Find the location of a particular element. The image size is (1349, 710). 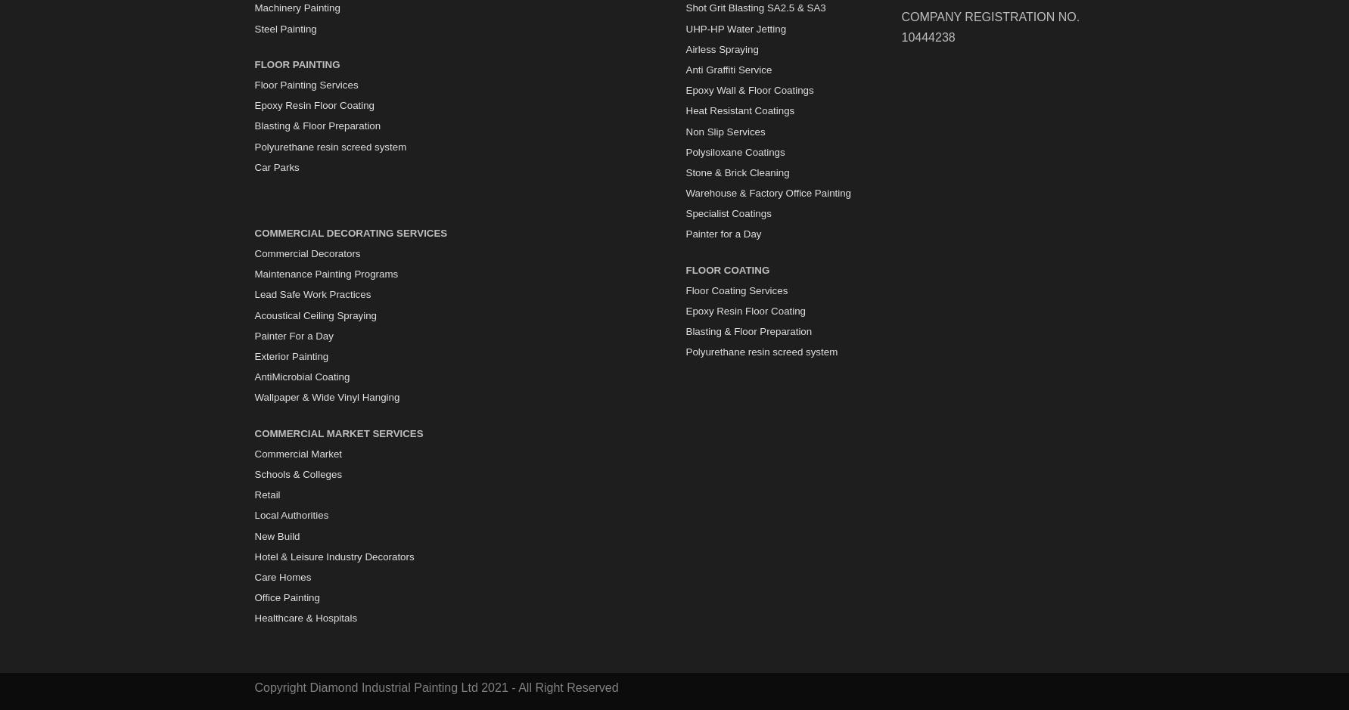

'AntiMicrobial Coating' is located at coordinates (302, 376).